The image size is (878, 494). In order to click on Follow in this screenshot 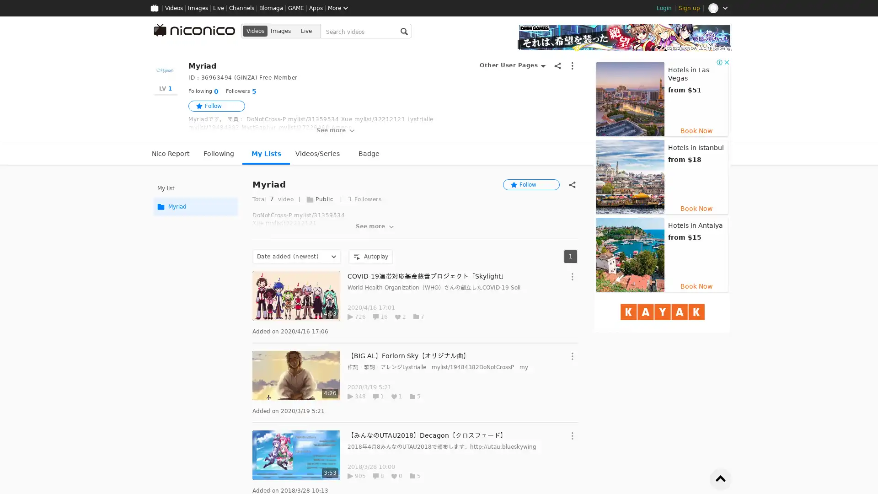, I will do `click(216, 105)`.